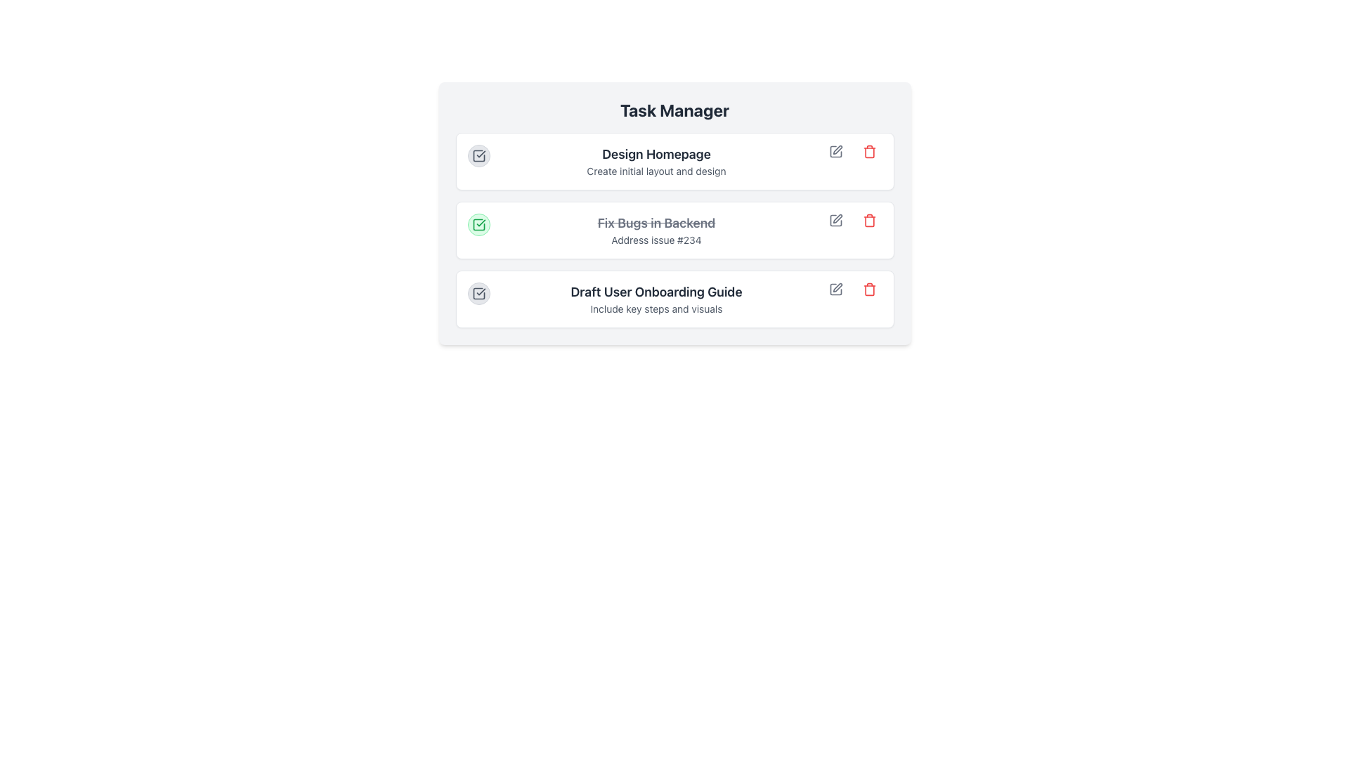 Image resolution: width=1349 pixels, height=759 pixels. Describe the element at coordinates (478, 156) in the screenshot. I see `the square icon with a checkmark symbol, which is located on the far left of the first row in the task list interface, adjacent to the text 'Design Homepage'` at that location.